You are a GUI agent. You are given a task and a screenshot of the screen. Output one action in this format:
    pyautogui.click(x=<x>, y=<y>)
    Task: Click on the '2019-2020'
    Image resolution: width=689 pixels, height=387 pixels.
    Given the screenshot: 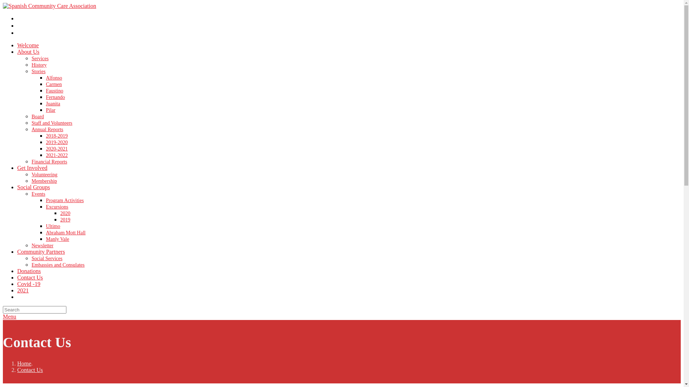 What is the action you would take?
    pyautogui.click(x=56, y=142)
    